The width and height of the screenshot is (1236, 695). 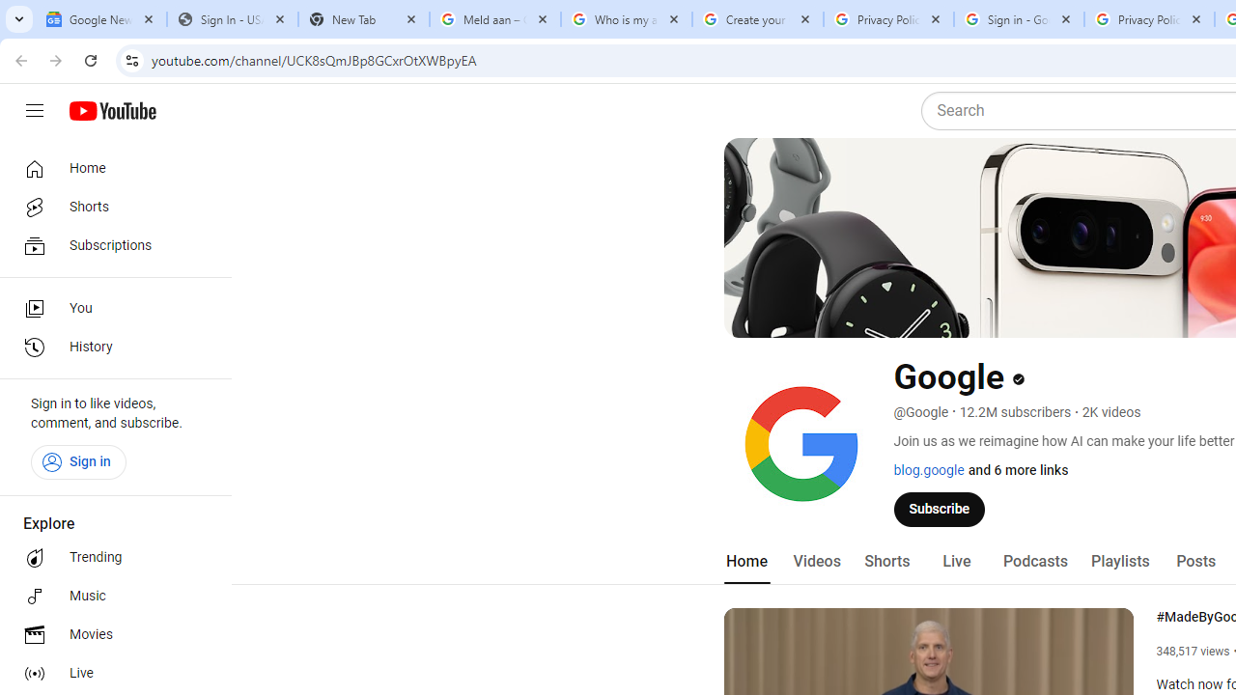 What do you see at coordinates (108, 596) in the screenshot?
I see `'Music'` at bounding box center [108, 596].